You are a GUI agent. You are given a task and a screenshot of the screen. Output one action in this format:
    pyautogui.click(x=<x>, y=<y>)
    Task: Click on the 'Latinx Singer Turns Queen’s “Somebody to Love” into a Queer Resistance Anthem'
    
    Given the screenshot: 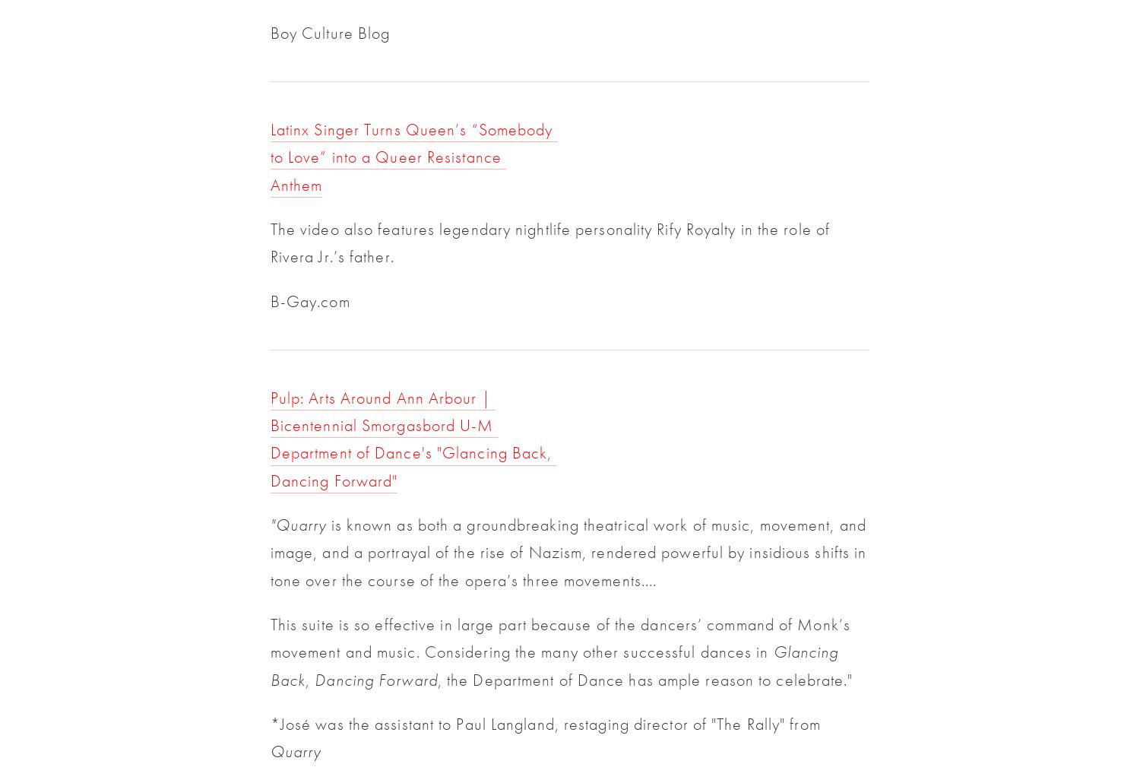 What is the action you would take?
    pyautogui.click(x=413, y=157)
    